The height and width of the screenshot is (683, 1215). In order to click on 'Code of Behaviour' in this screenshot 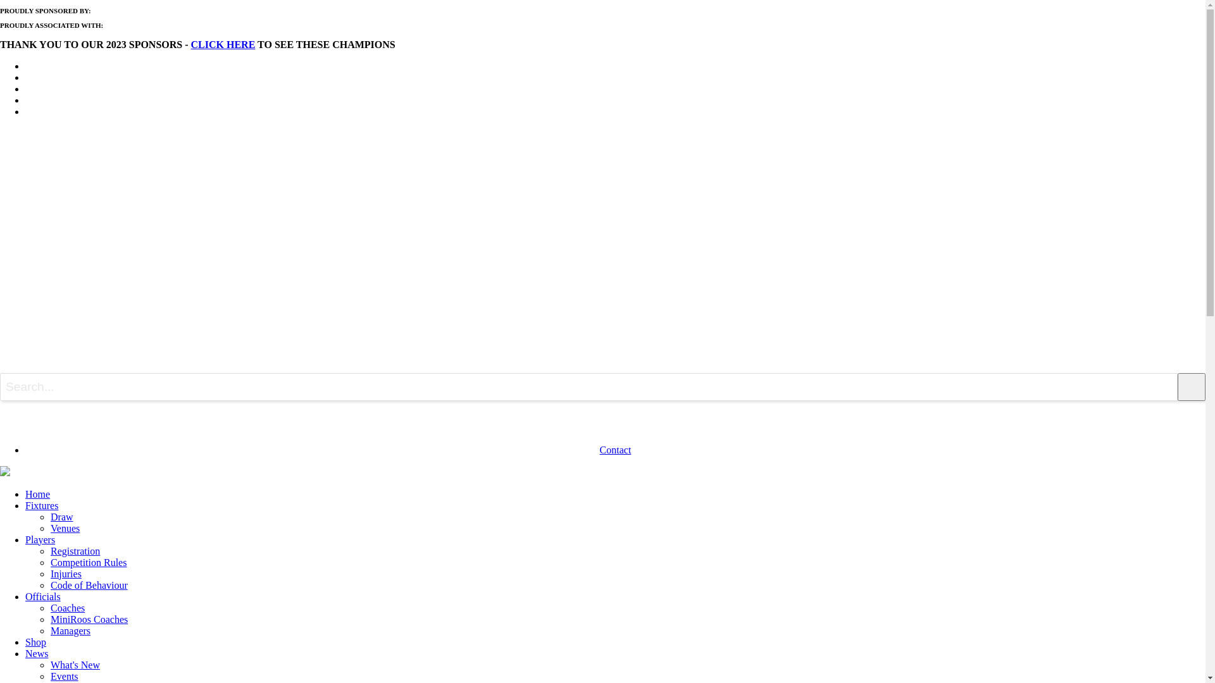, I will do `click(88, 585)`.